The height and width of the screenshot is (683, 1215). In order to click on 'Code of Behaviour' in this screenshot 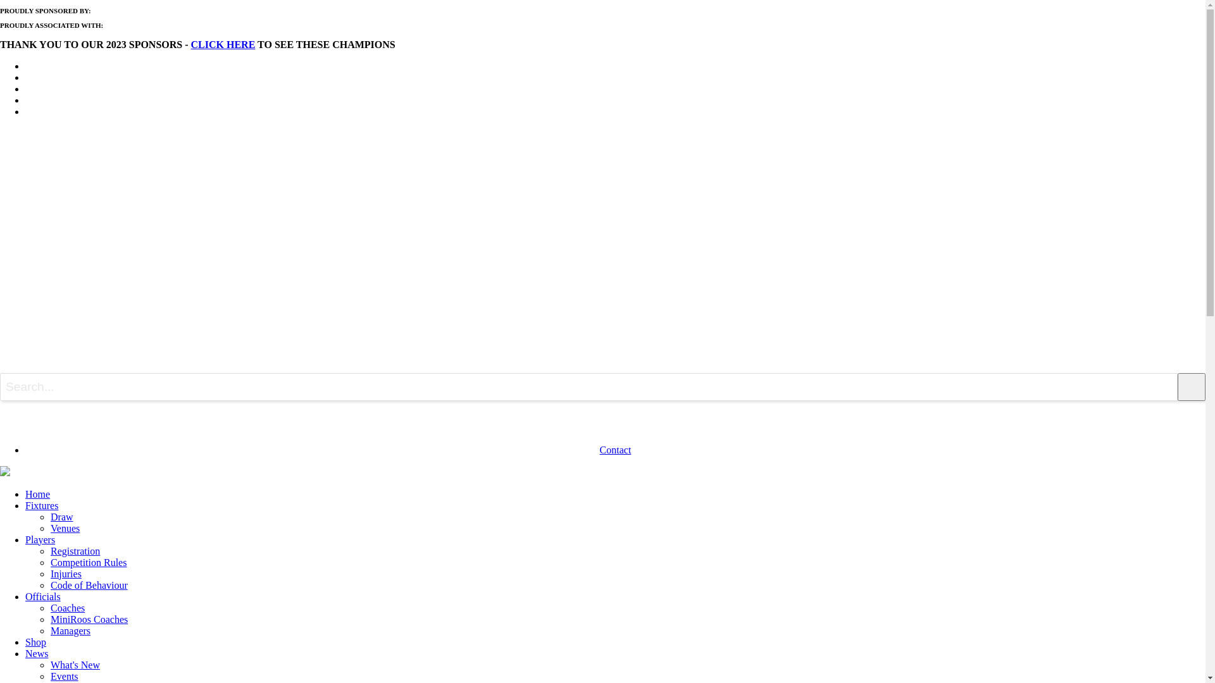, I will do `click(88, 585)`.